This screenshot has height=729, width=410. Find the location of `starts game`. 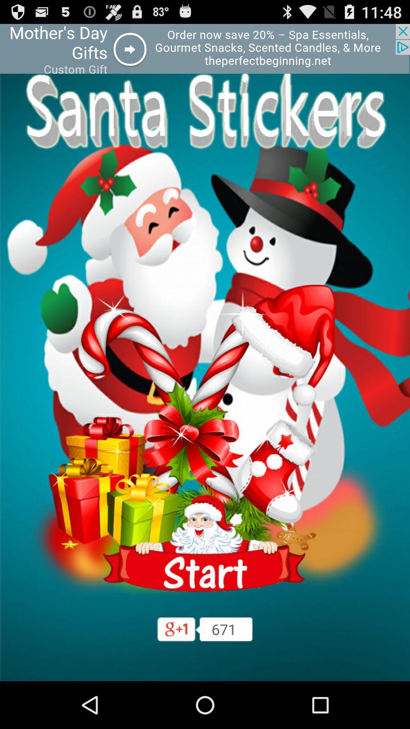

starts game is located at coordinates (205, 543).